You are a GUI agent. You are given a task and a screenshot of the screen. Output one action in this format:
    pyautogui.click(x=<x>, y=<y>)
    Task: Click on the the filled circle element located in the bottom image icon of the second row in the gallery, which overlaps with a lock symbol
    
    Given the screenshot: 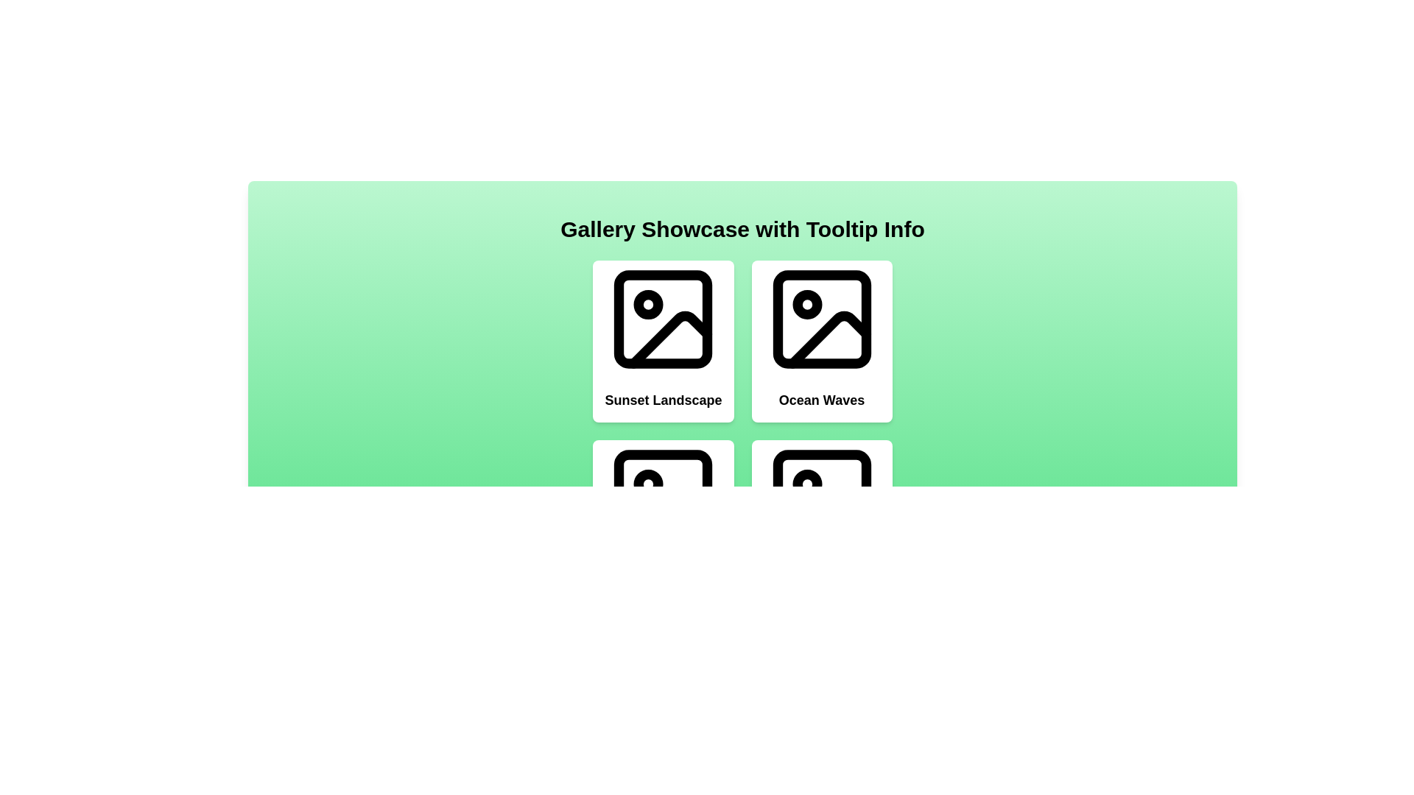 What is the action you would take?
    pyautogui.click(x=806, y=484)
    